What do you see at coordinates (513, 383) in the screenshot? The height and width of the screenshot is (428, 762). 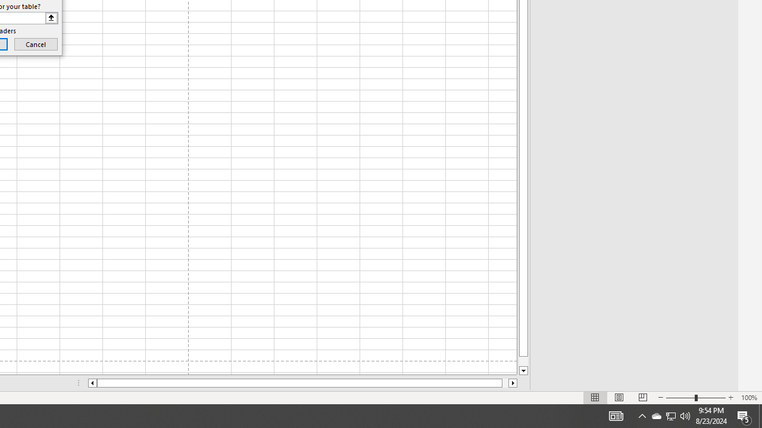 I see `'Column right'` at bounding box center [513, 383].